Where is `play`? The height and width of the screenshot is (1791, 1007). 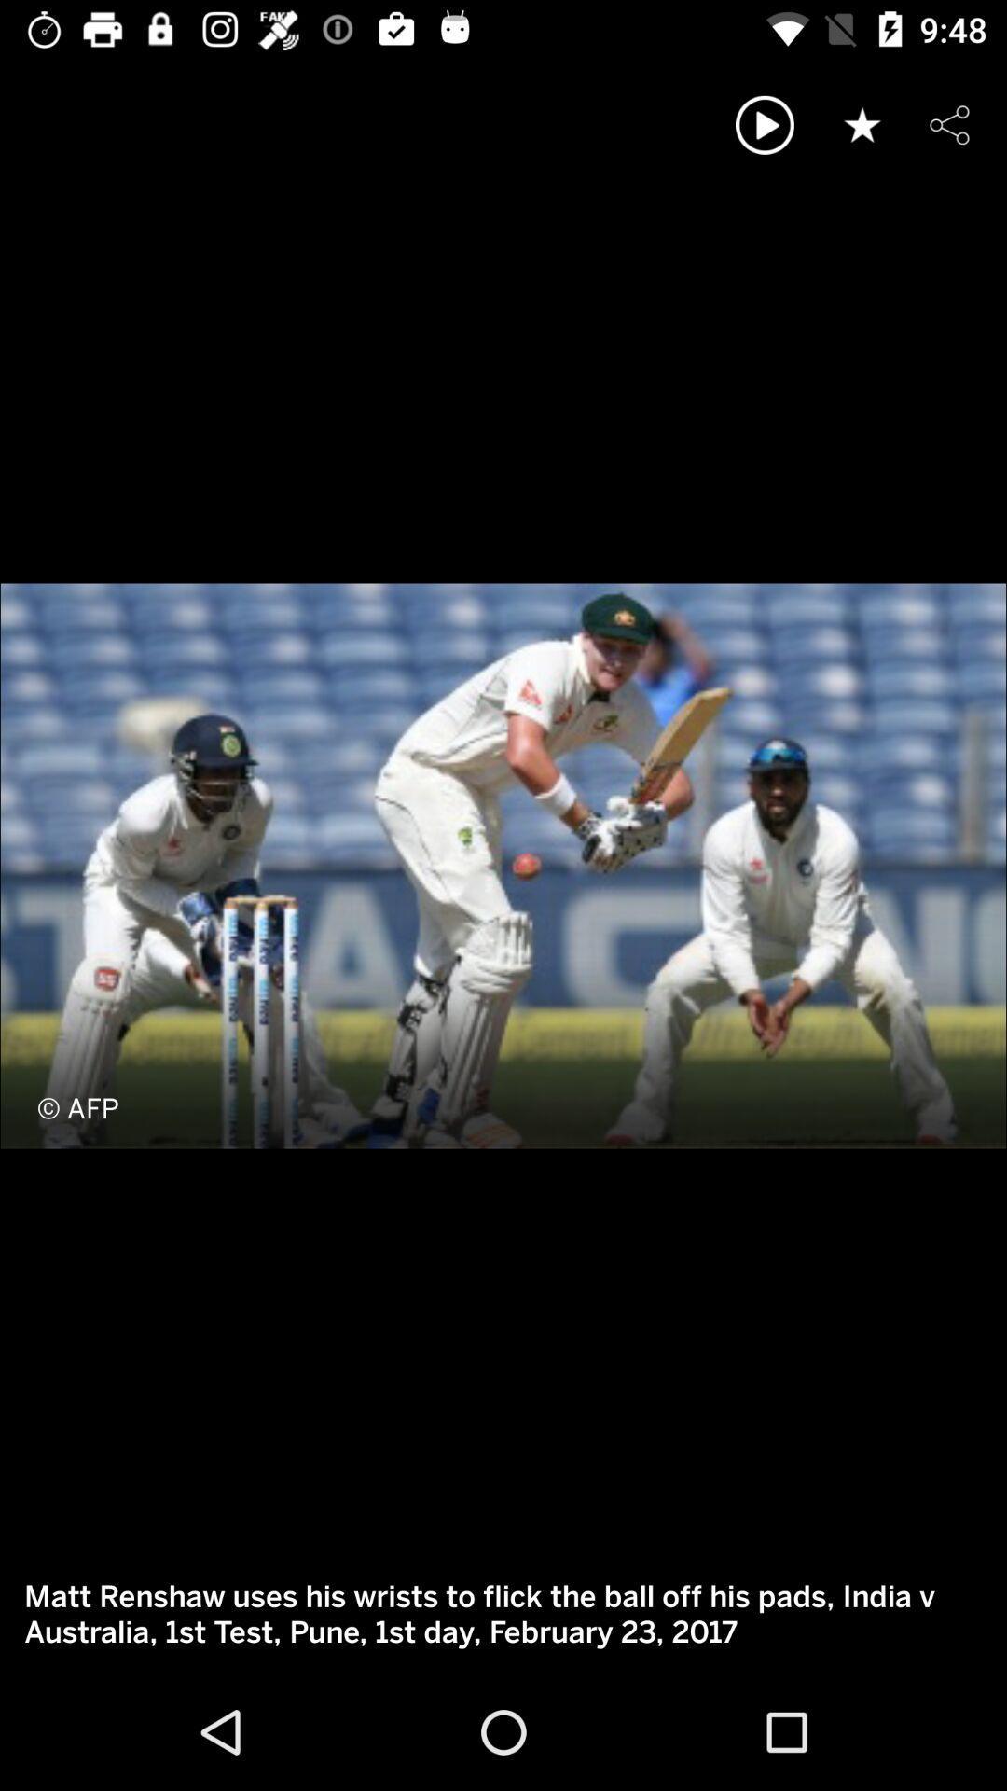
play is located at coordinates (765, 124).